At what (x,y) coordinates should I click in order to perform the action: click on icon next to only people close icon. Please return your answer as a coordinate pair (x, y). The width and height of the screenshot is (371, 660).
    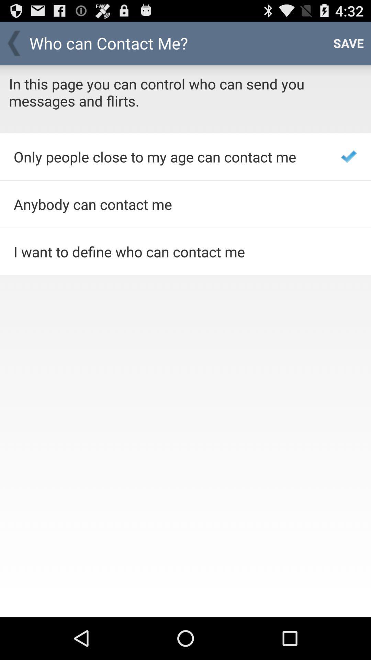
    Looking at the image, I should click on (349, 156).